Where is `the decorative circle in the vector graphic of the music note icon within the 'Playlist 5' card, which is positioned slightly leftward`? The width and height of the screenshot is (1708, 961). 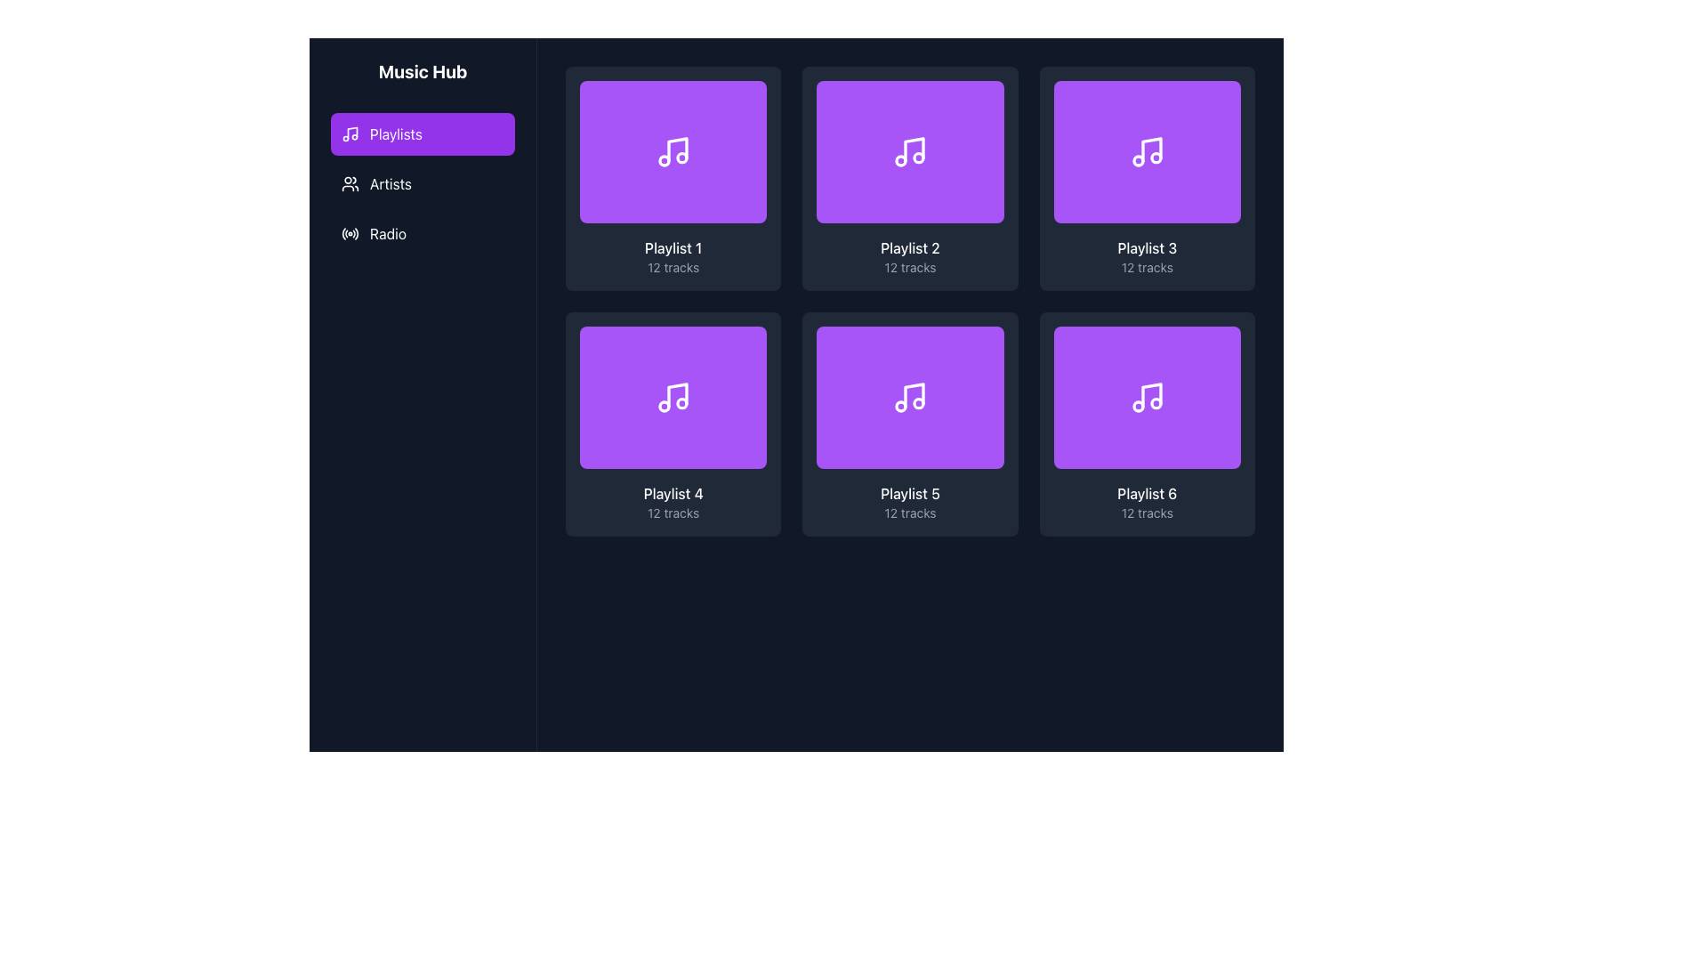
the decorative circle in the vector graphic of the music note icon within the 'Playlist 5' card, which is positioned slightly leftward is located at coordinates (901, 406).